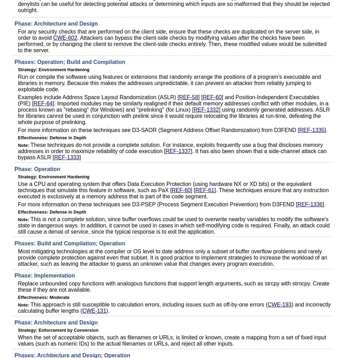 This screenshot has height=358, width=352. Describe the element at coordinates (206, 110) in the screenshot. I see `'REF-1332'` at that location.